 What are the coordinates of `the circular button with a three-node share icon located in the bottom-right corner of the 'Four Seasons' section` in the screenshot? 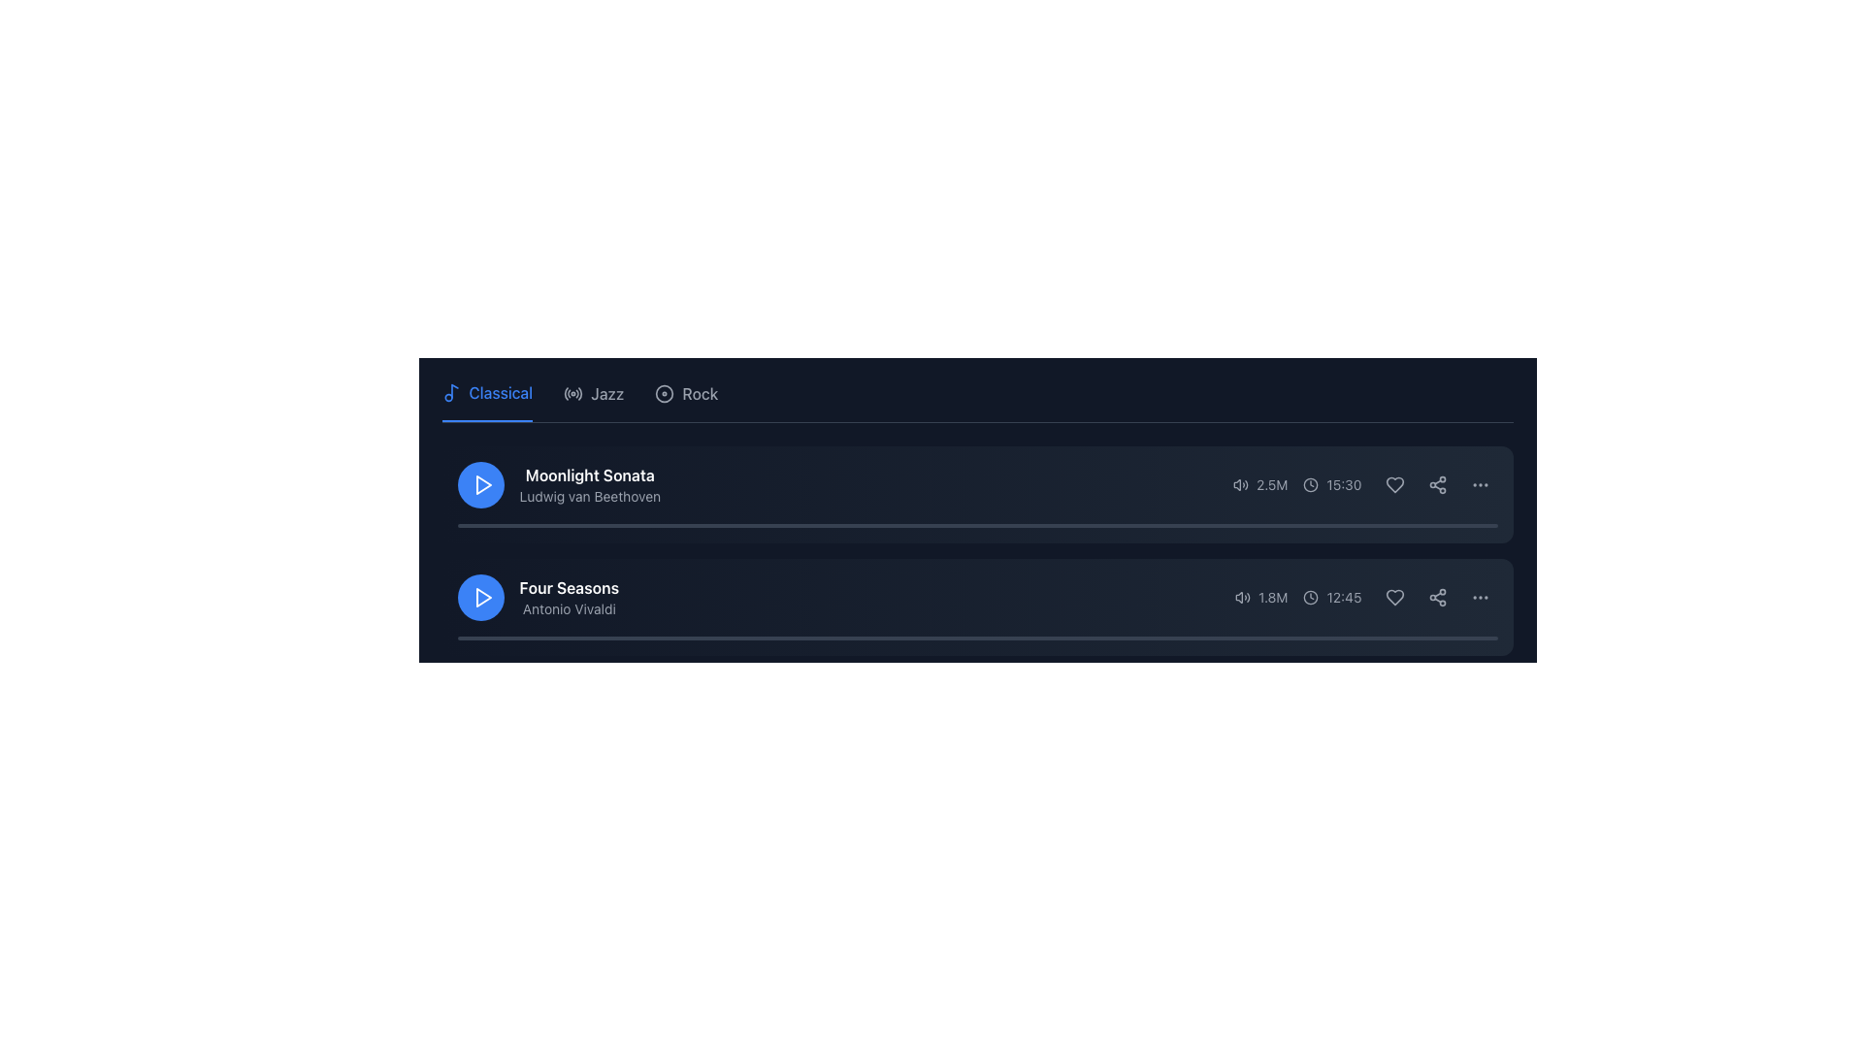 It's located at (1437, 597).